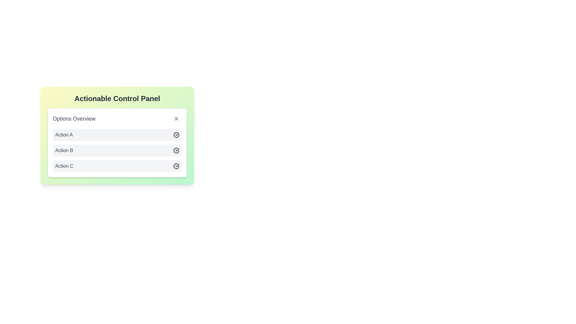  What do you see at coordinates (64, 150) in the screenshot?
I see `the text label 'Action B', which is the second entry in a vertical list of actions` at bounding box center [64, 150].